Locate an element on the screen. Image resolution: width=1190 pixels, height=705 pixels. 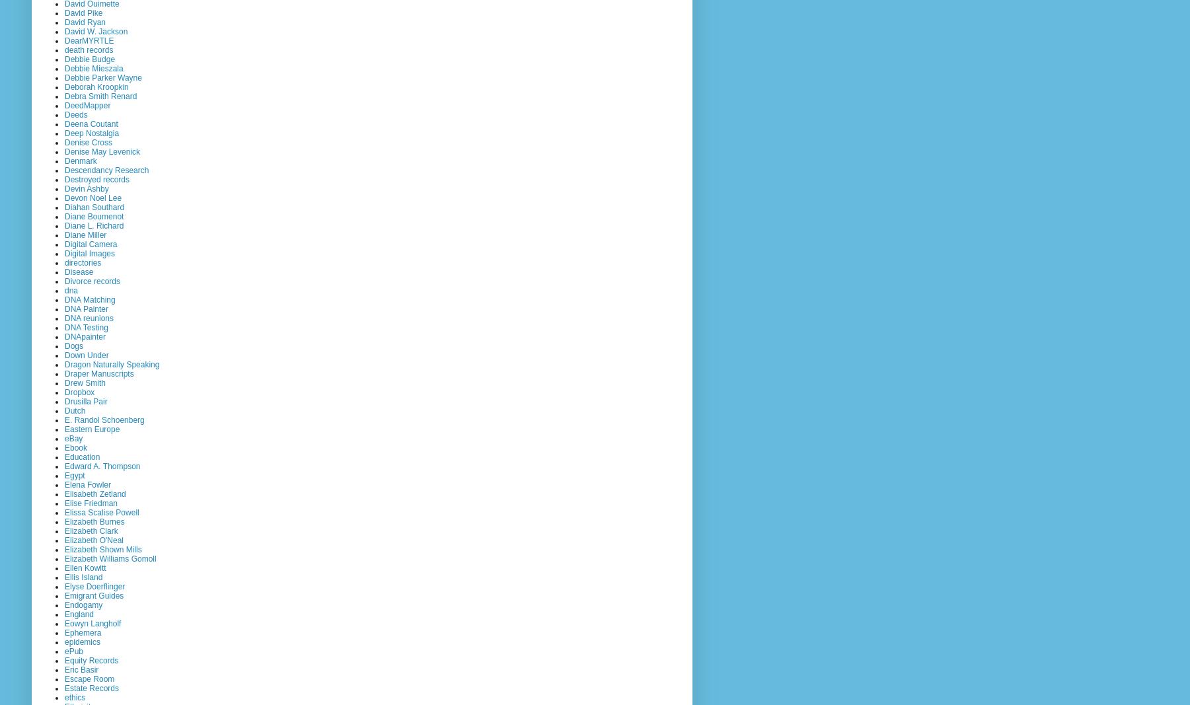
'Diane Miller' is located at coordinates (85, 234).